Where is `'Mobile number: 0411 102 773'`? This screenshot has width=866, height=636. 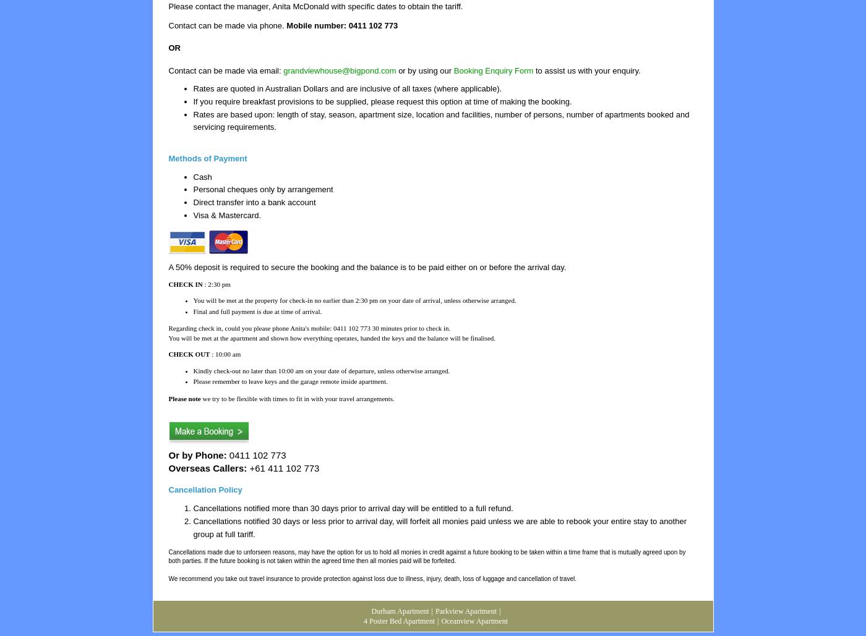
'Mobile number: 0411 102 773' is located at coordinates (342, 25).